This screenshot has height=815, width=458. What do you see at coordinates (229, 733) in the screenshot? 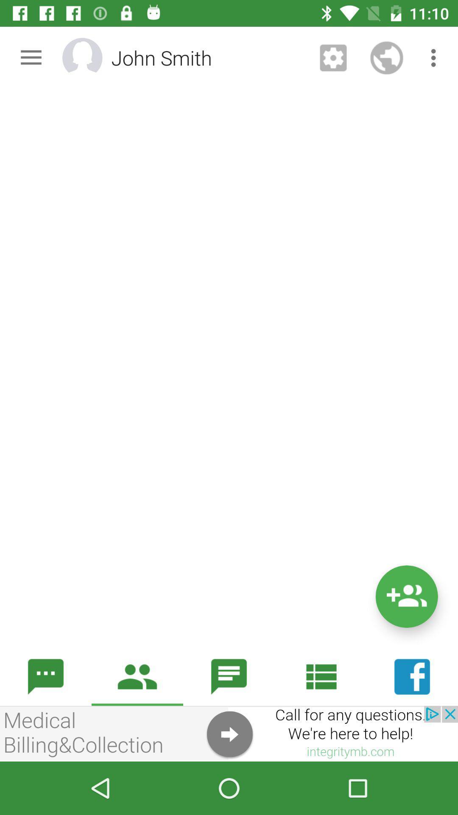
I see `see an image` at bounding box center [229, 733].